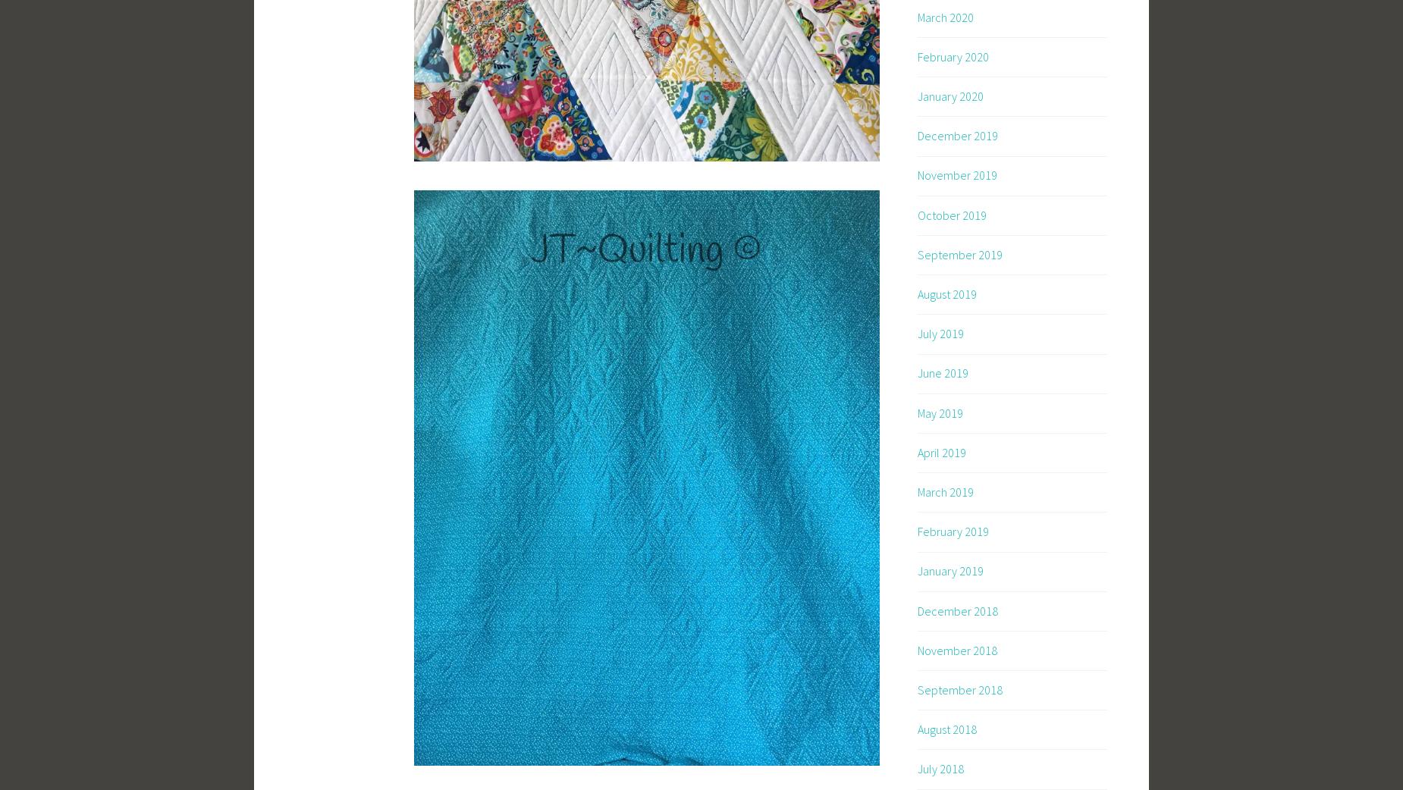 The height and width of the screenshot is (790, 1403). Describe the element at coordinates (956, 650) in the screenshot. I see `'November 2018'` at that location.